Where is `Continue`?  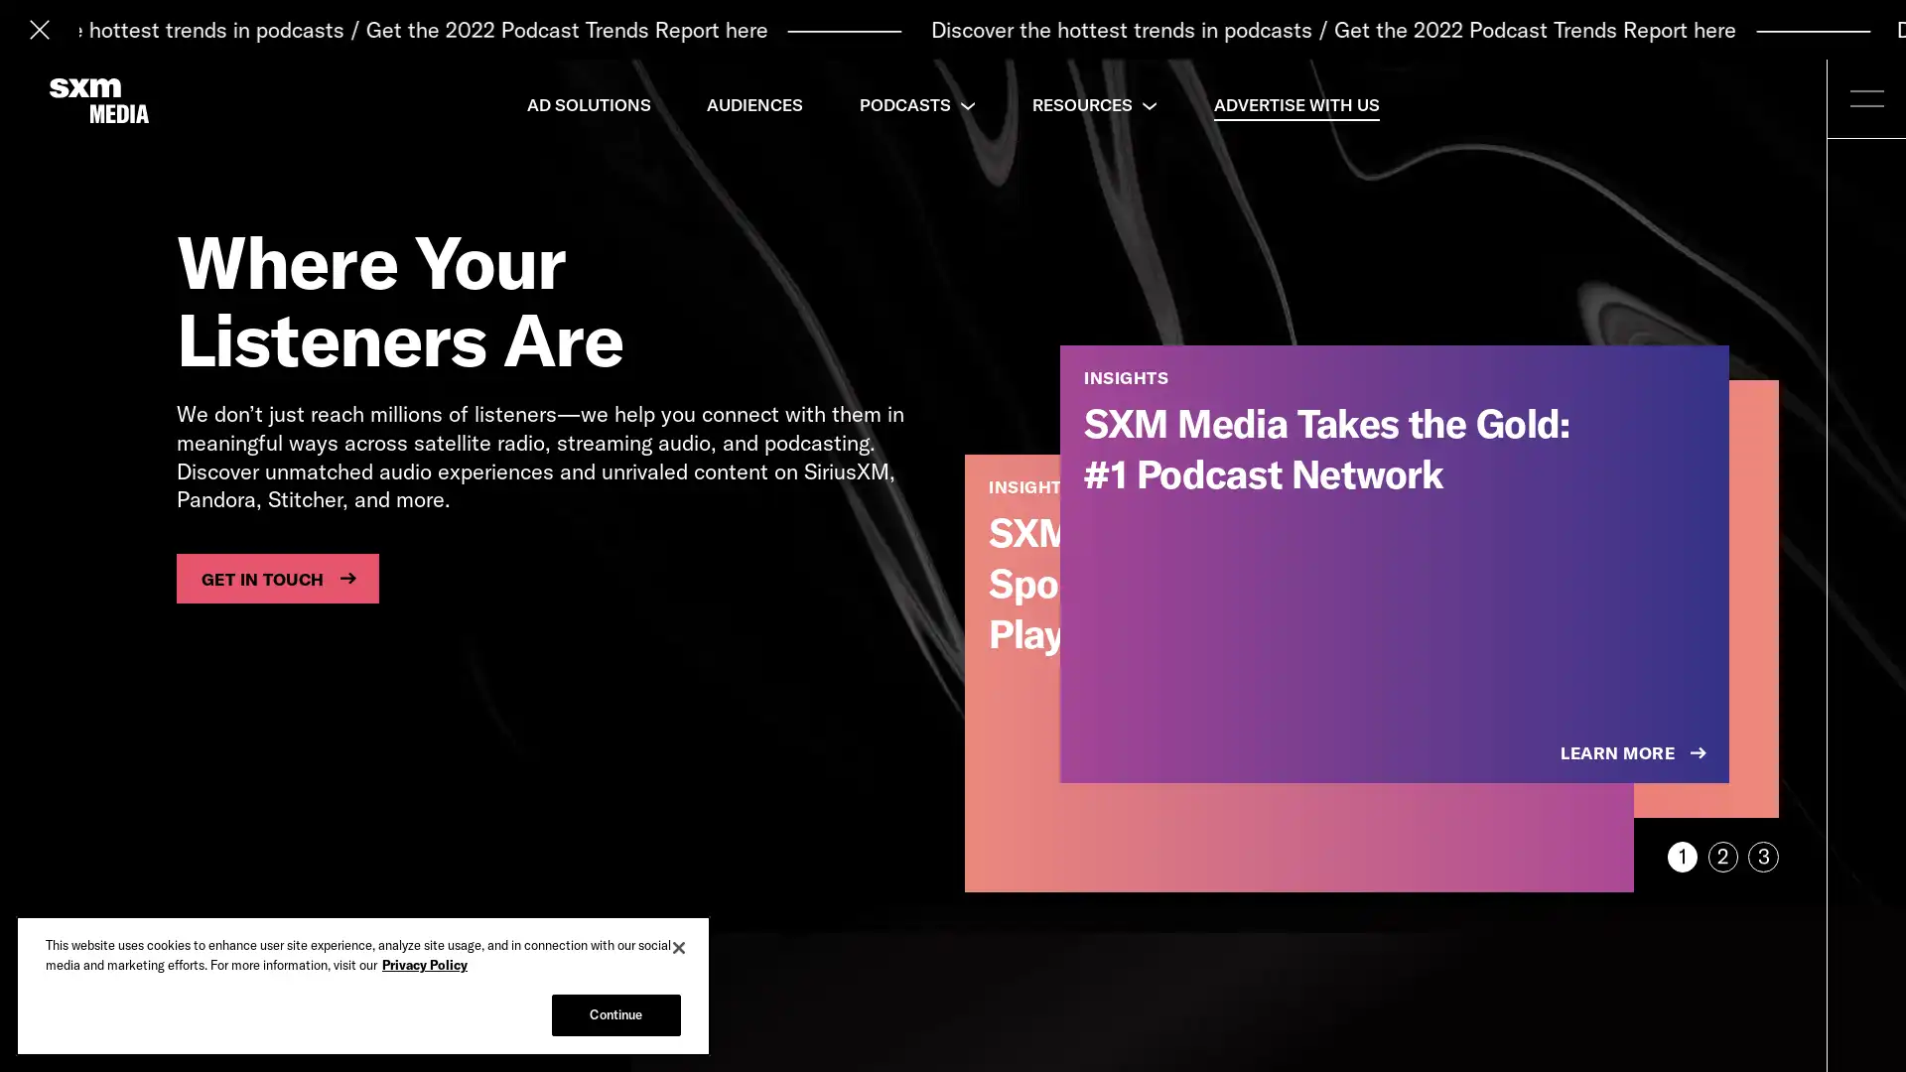 Continue is located at coordinates (614, 1014).